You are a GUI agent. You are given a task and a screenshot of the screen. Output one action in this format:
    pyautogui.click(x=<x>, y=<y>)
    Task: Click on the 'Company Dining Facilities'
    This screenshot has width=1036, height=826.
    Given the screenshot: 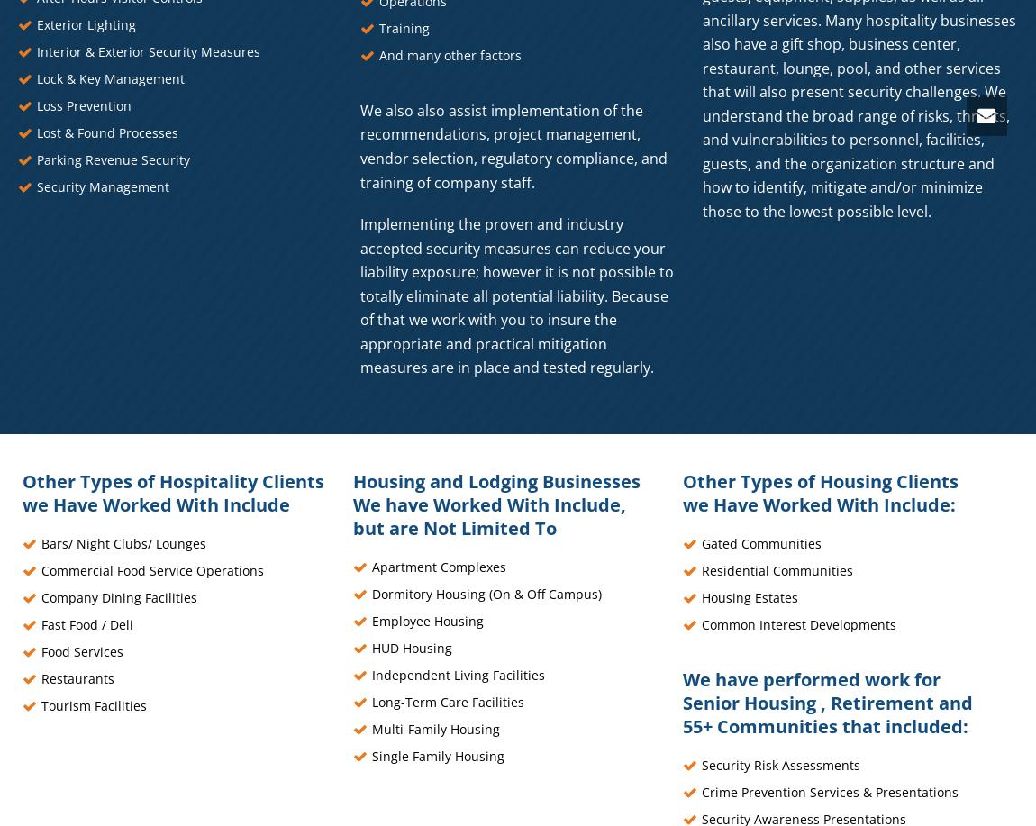 What is the action you would take?
    pyautogui.click(x=118, y=596)
    